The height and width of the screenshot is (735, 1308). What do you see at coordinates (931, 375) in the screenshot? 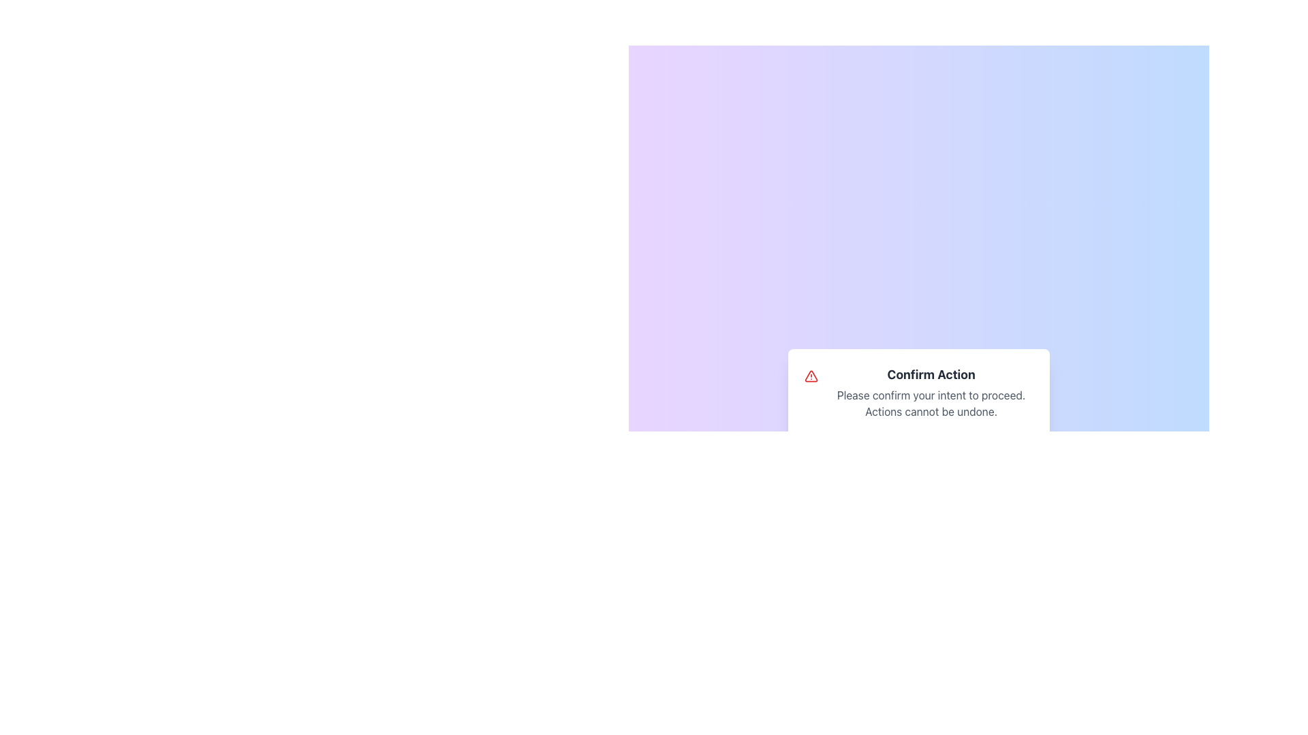
I see `the header text element labeled 'Confirm Action', which is styled in bold, larger dark gray font and positioned at the top-center of the modal dialog box` at bounding box center [931, 375].